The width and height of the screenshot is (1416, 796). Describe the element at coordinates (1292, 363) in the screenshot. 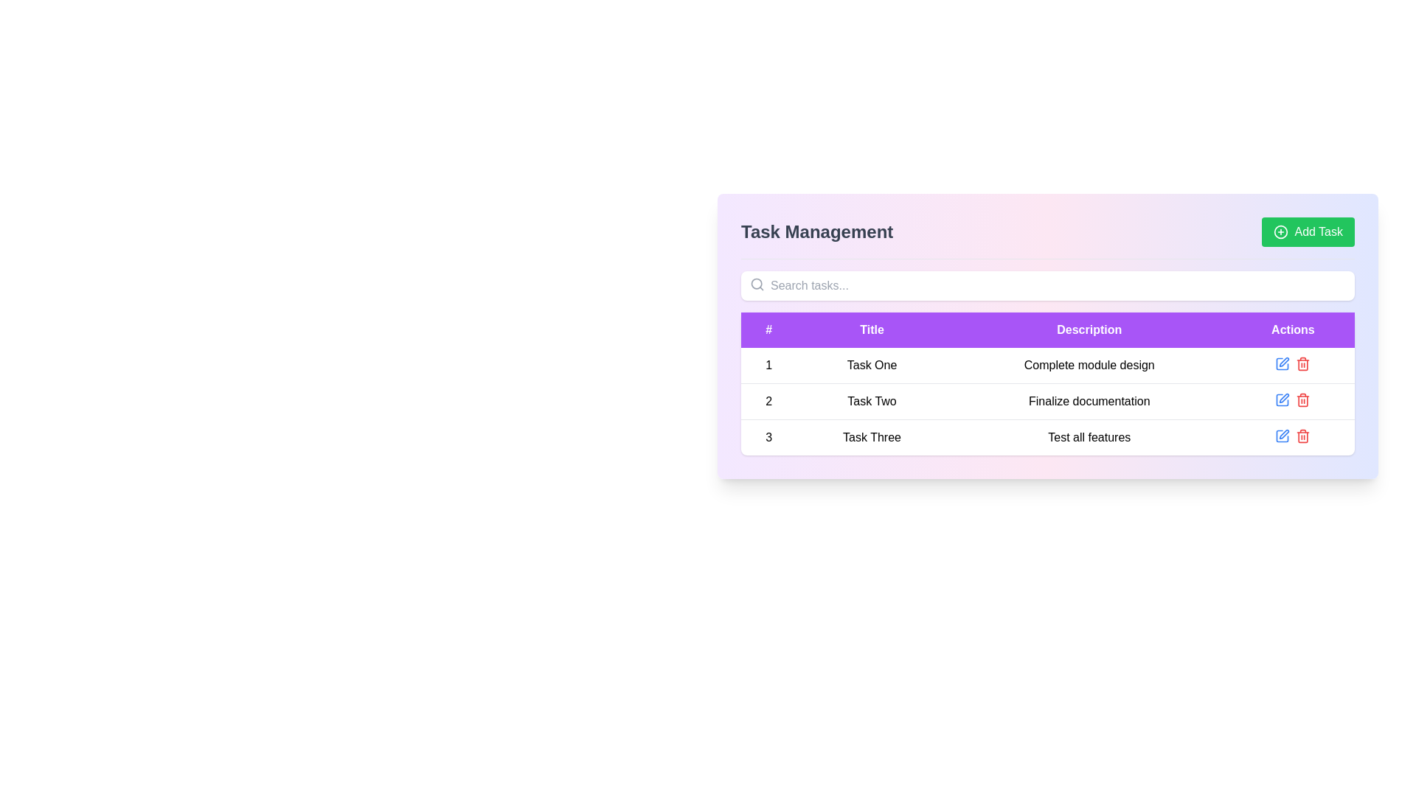

I see `the interactive icon group containing the blue pencil and red trash bin icons located in the 'Actions' column of the first row corresponding to 'Task One'` at that location.